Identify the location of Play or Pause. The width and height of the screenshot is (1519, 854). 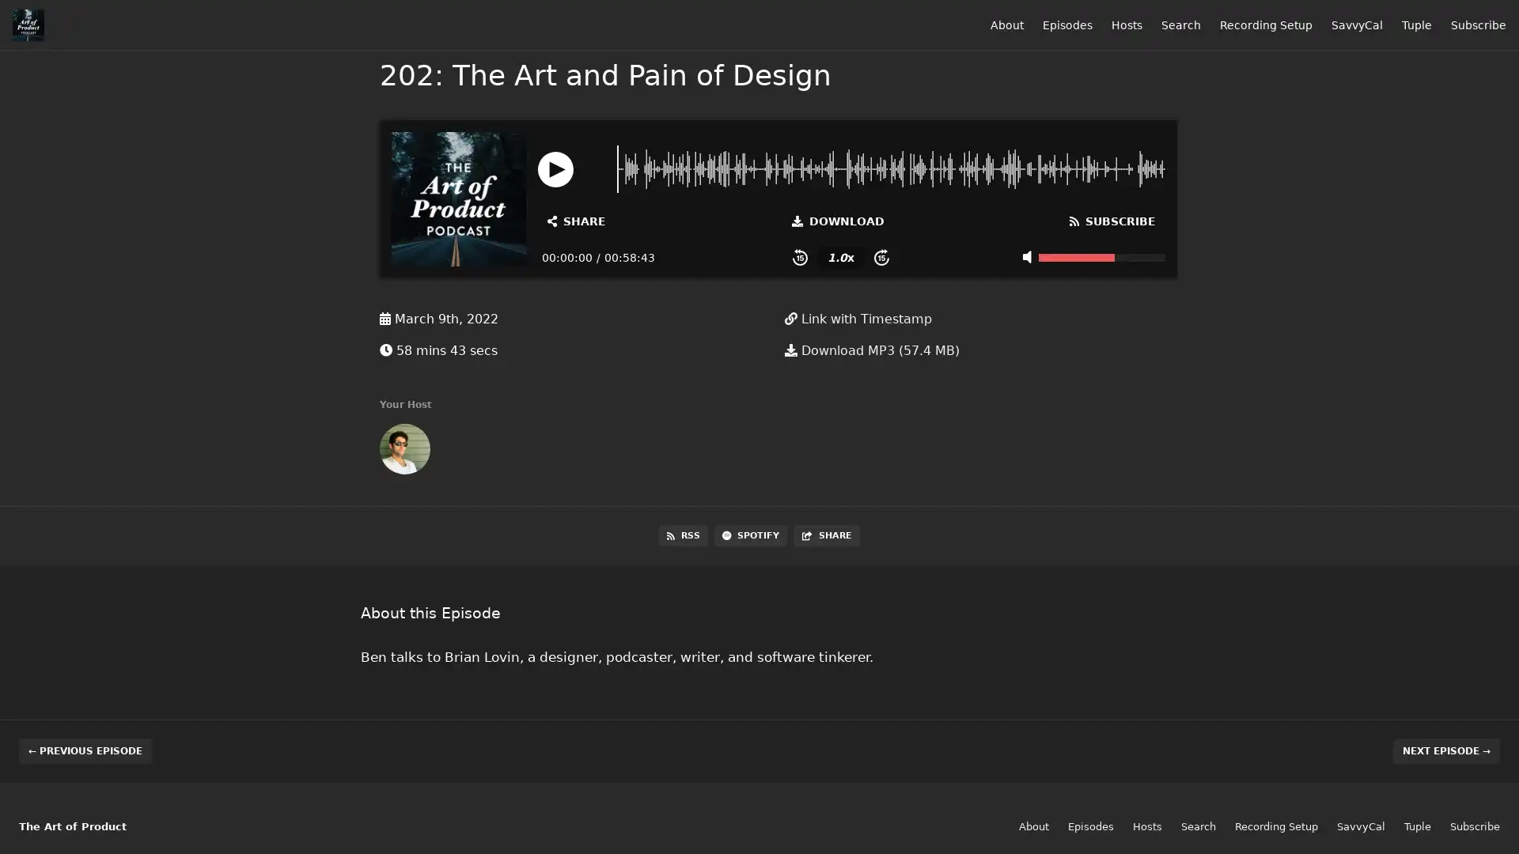
(555, 168).